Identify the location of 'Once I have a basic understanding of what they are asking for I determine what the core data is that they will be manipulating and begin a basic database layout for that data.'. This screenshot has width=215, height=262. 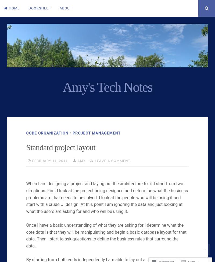
(106, 232).